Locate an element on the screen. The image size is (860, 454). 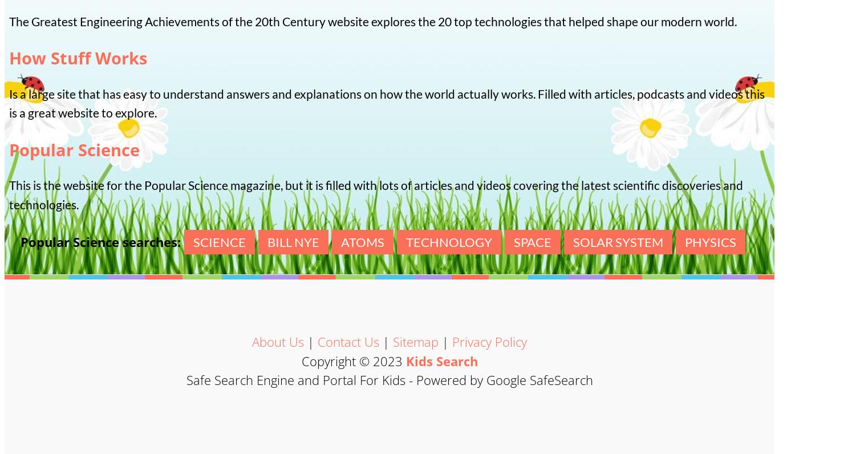
'Kids Search' is located at coordinates (441, 360).